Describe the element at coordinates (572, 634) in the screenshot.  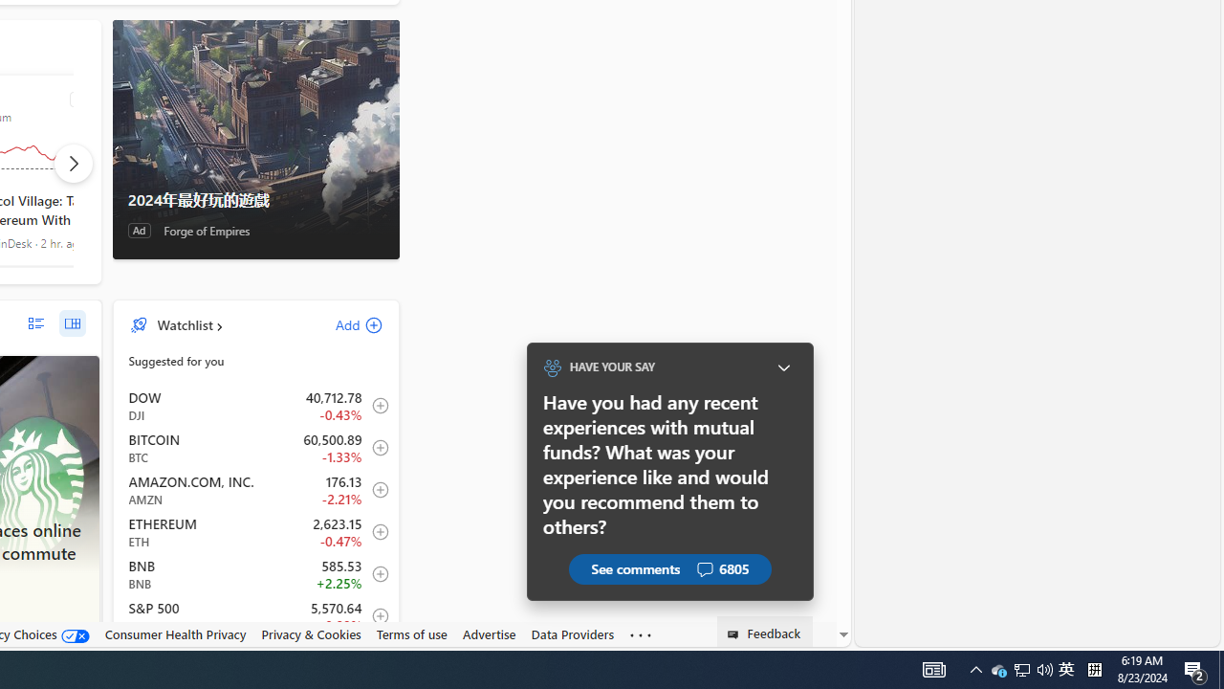
I see `'Data Providers'` at that location.